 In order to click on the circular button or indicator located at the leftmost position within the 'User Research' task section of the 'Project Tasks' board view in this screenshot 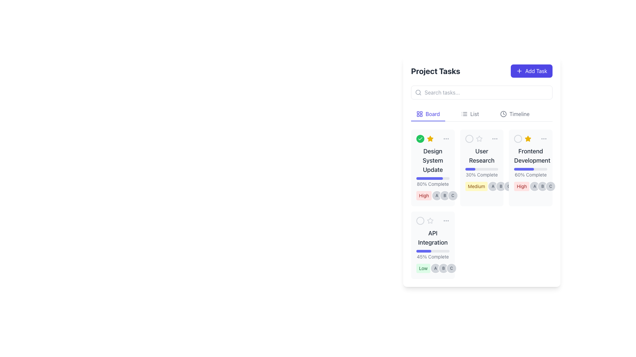, I will do `click(469, 139)`.